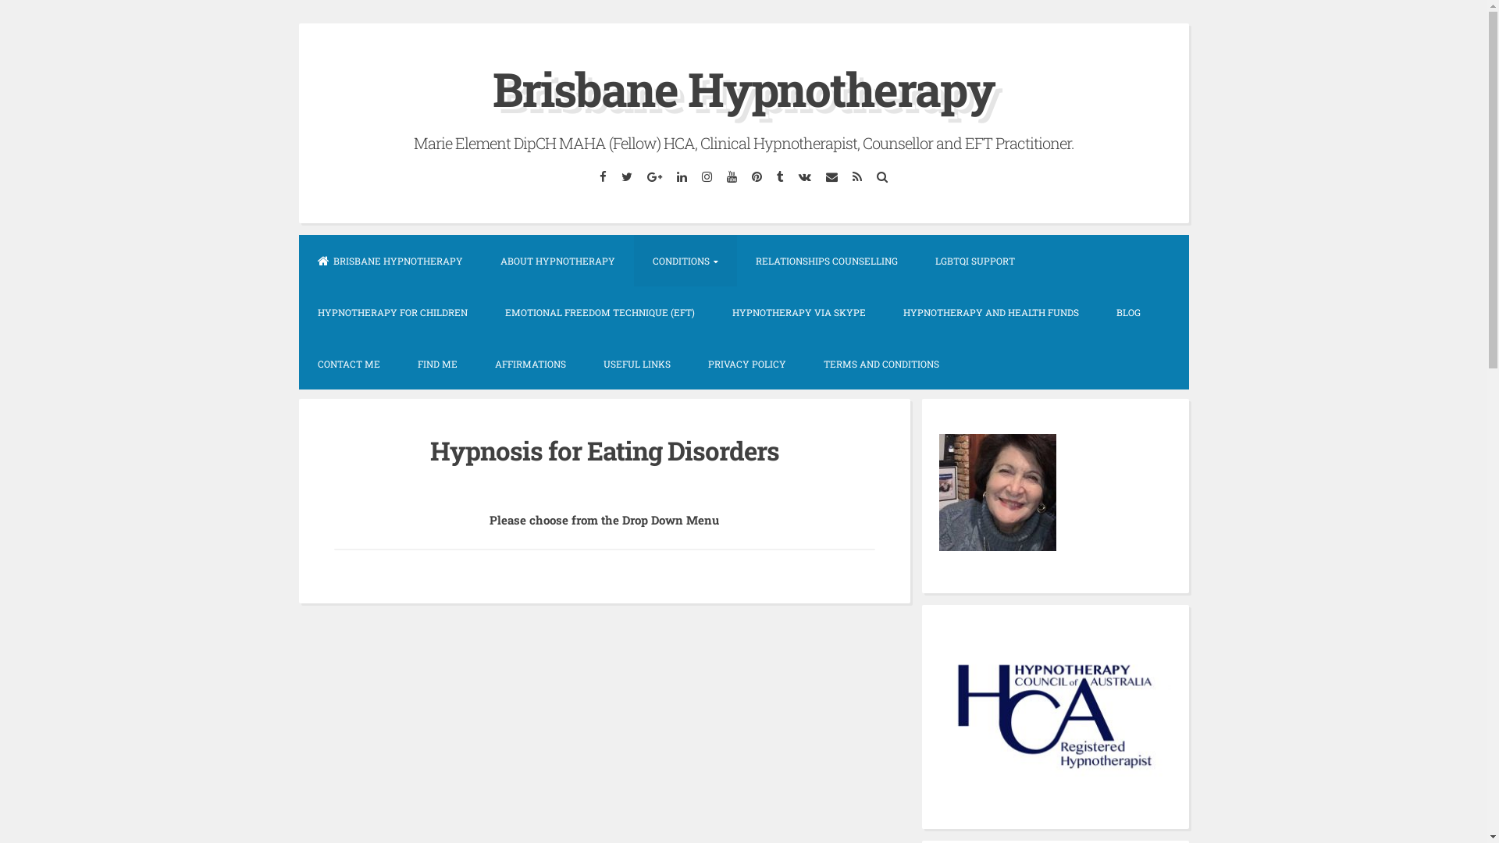 Image resolution: width=1499 pixels, height=843 pixels. Describe the element at coordinates (831, 176) in the screenshot. I see `'Email'` at that location.